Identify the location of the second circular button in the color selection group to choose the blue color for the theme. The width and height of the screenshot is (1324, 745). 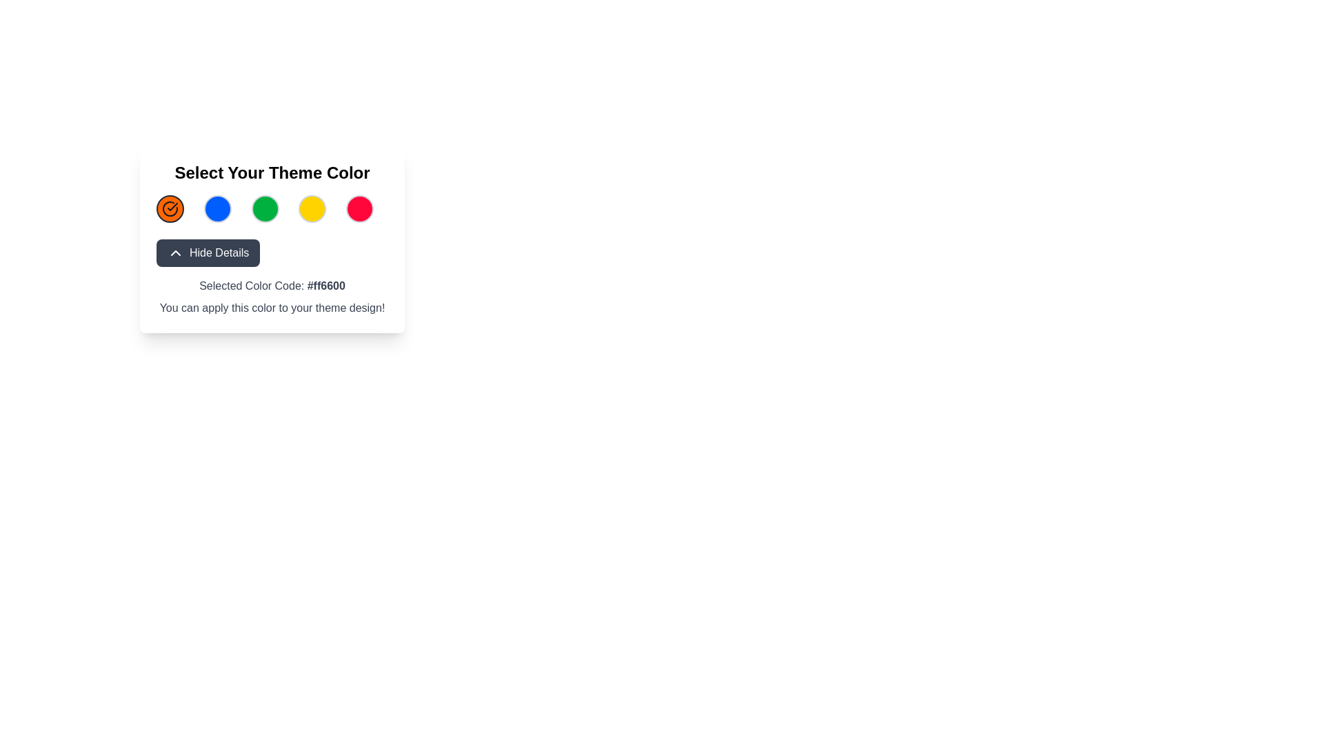
(217, 209).